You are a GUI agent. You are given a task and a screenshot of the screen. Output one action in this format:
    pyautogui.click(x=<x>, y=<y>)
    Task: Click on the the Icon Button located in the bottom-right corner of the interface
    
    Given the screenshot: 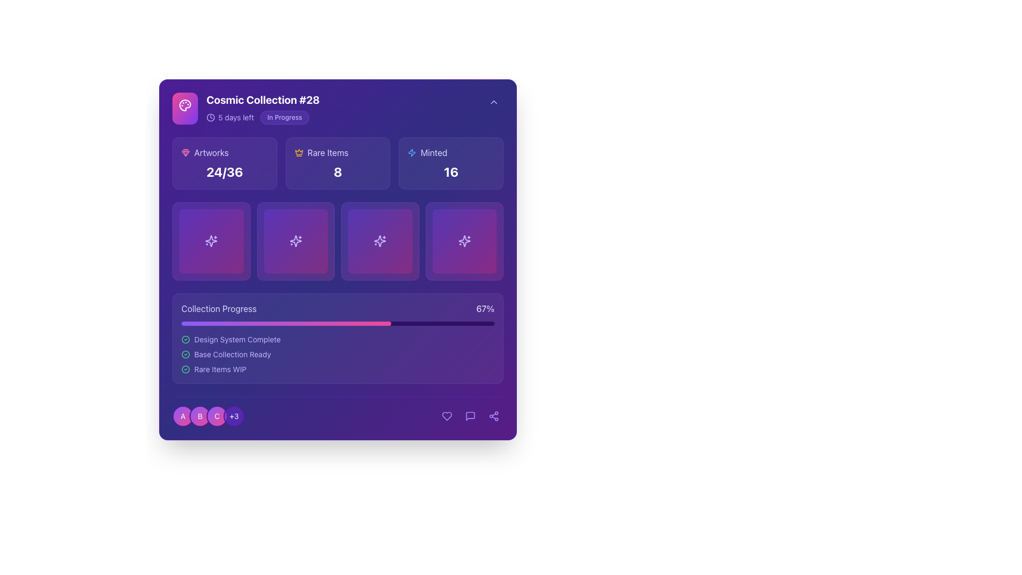 What is the action you would take?
    pyautogui.click(x=469, y=415)
    